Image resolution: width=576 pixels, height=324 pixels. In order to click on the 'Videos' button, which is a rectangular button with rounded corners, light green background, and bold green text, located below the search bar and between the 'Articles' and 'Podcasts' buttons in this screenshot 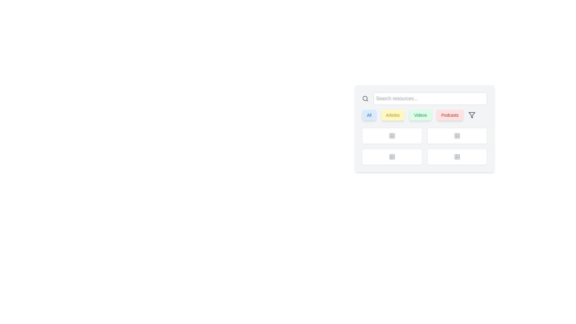, I will do `click(420, 115)`.